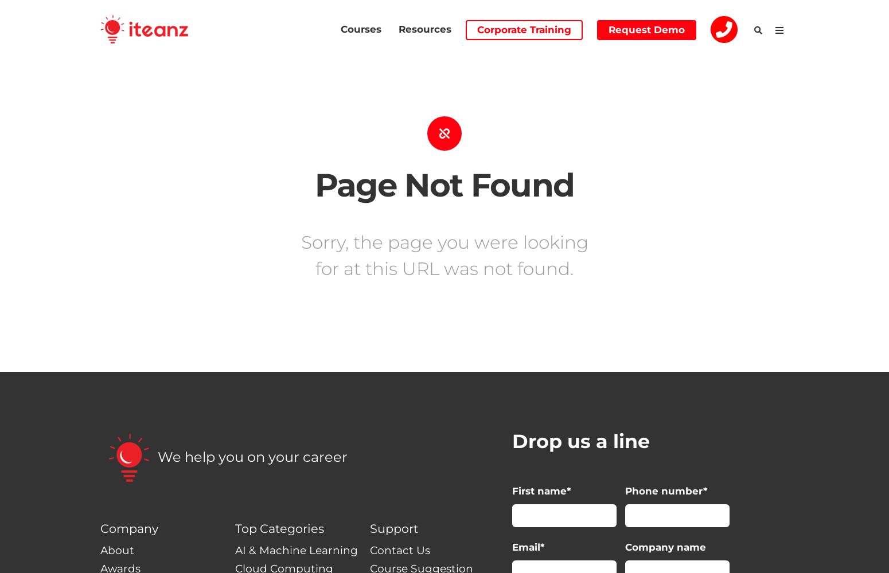 This screenshot has height=573, width=889. I want to click on 'About', so click(116, 550).